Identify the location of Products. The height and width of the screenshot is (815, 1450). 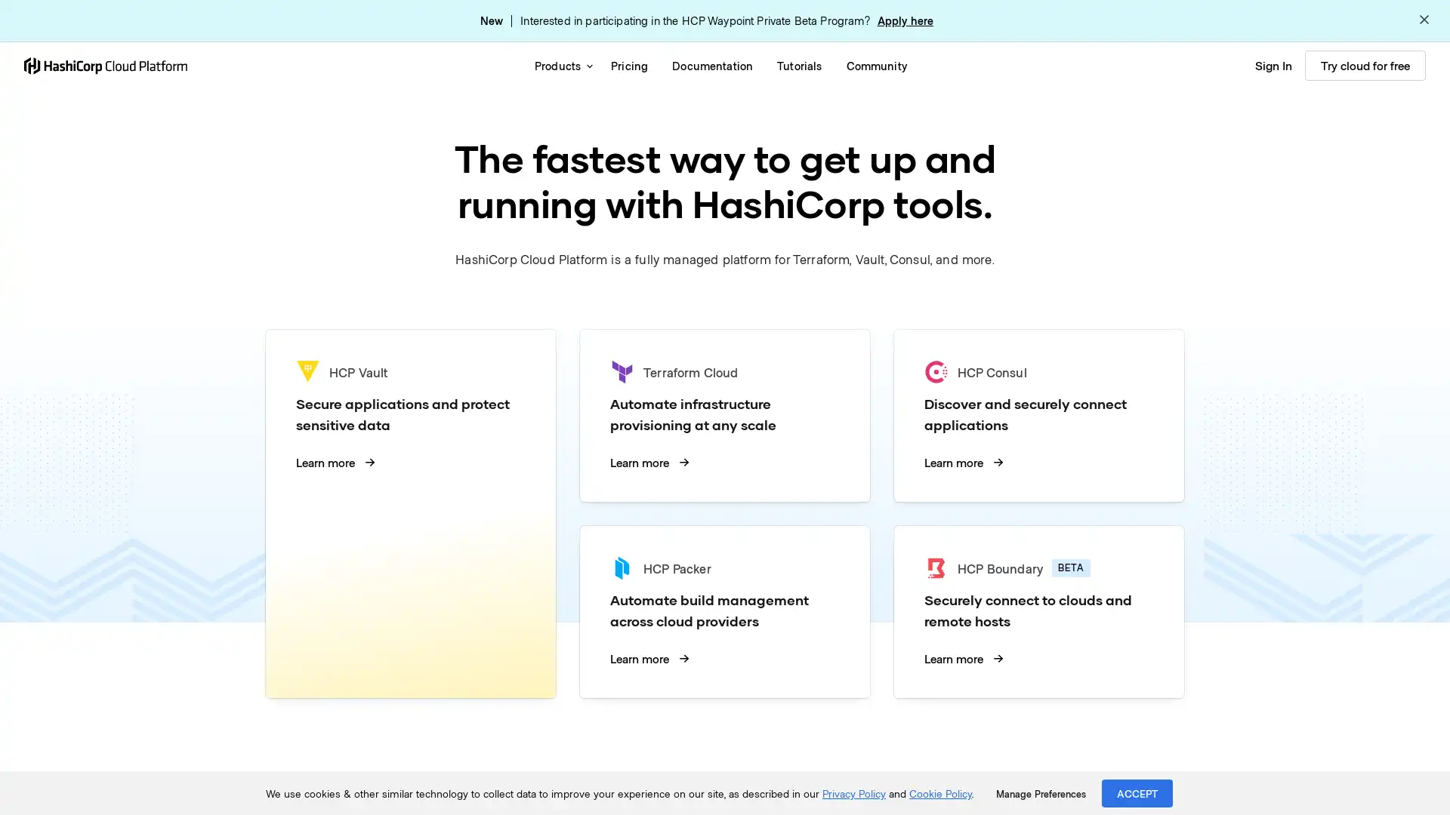
(560, 65).